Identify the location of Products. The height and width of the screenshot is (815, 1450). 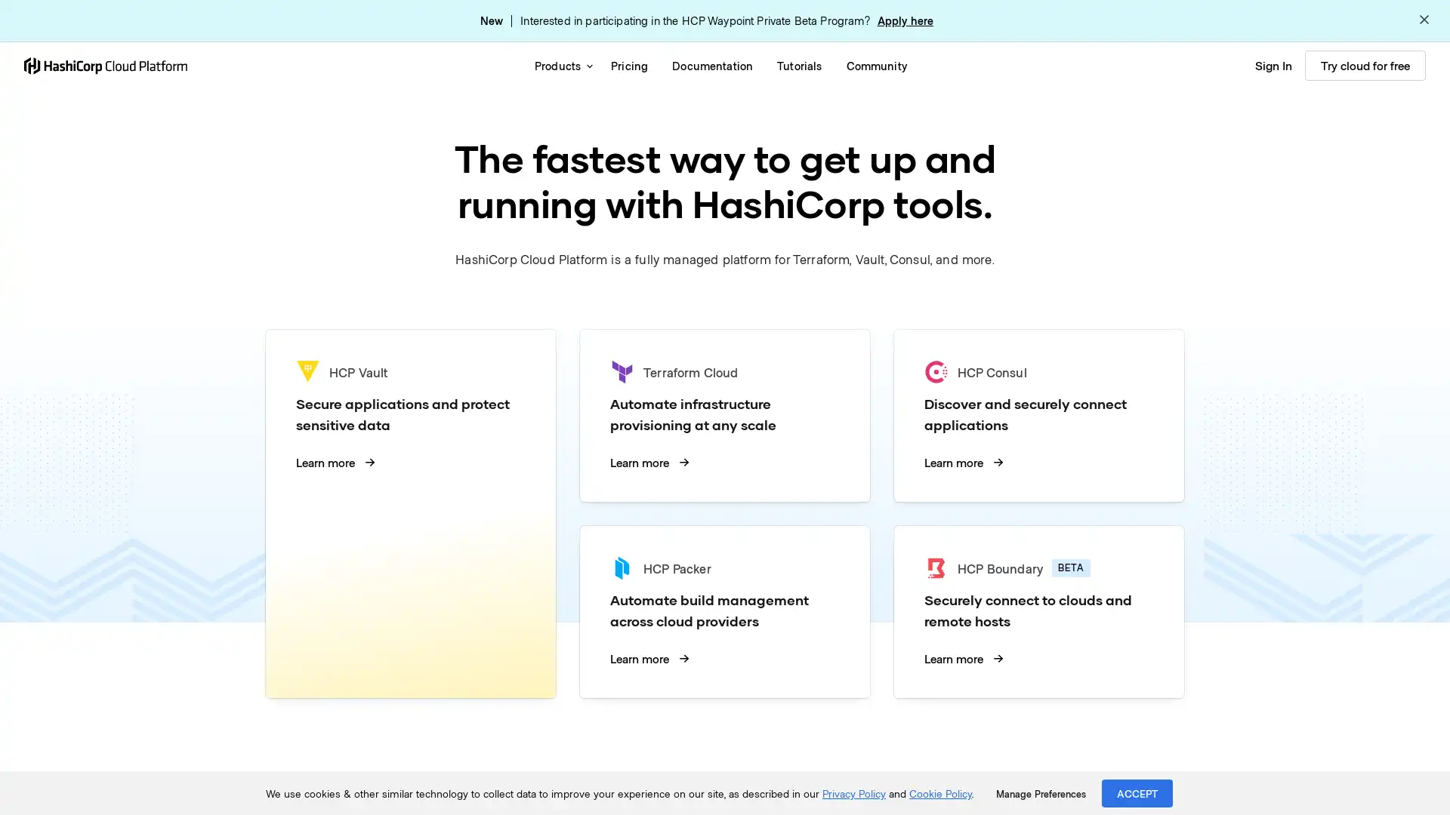
(560, 65).